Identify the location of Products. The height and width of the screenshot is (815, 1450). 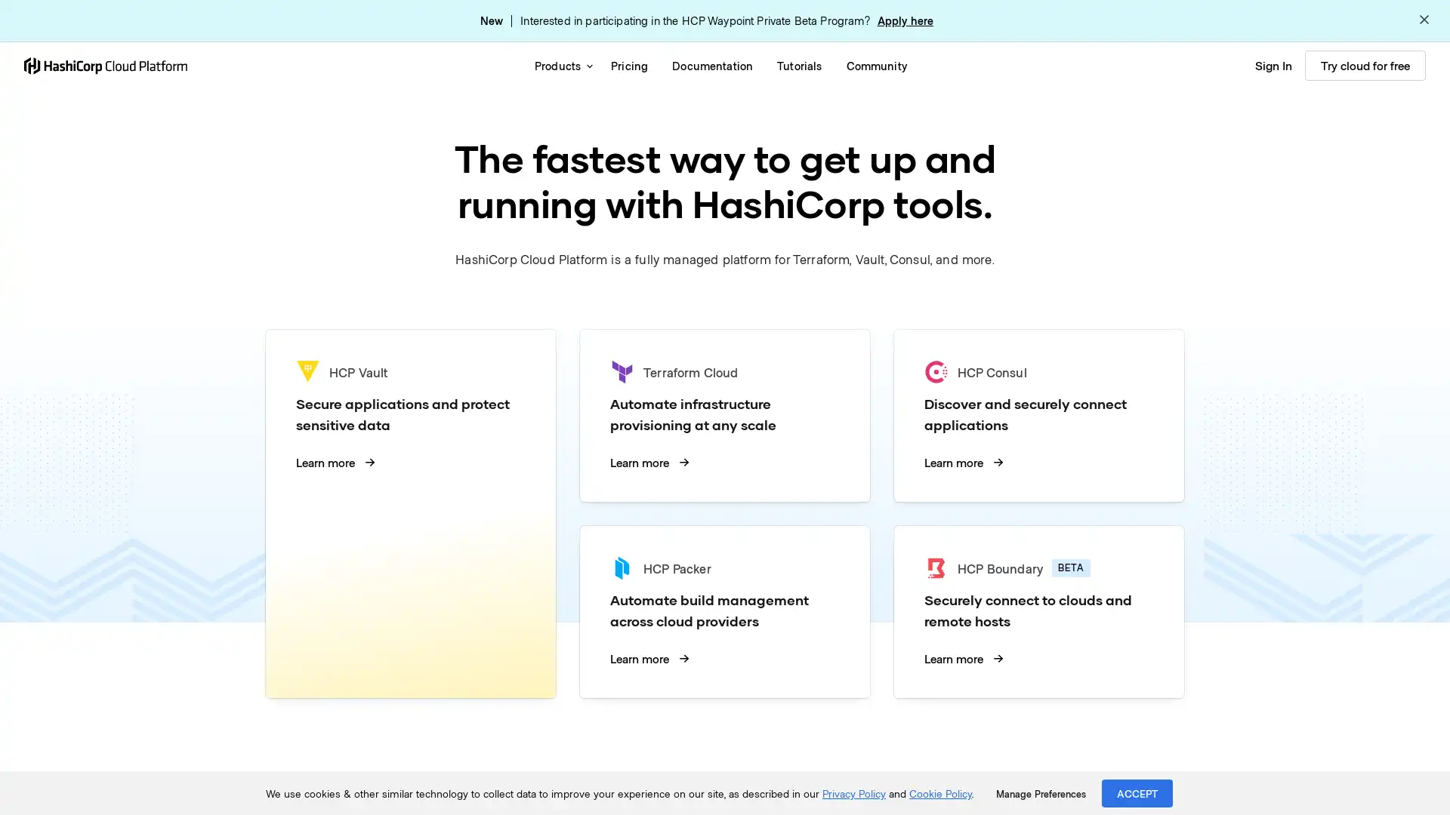
(560, 65).